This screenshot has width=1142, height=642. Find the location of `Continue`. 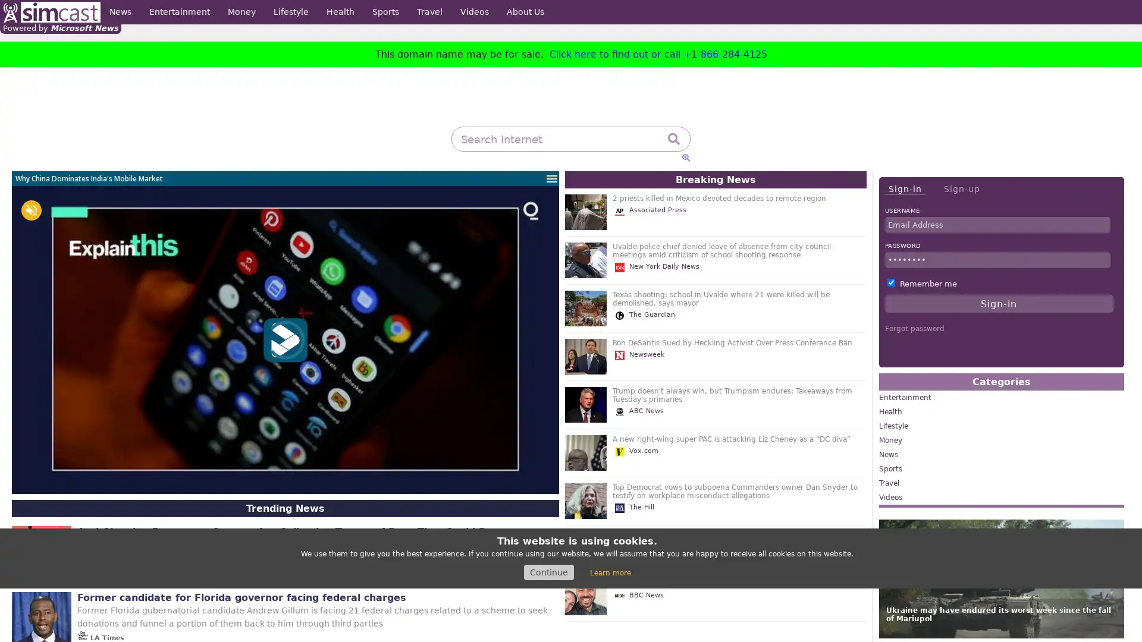

Continue is located at coordinates (548, 572).